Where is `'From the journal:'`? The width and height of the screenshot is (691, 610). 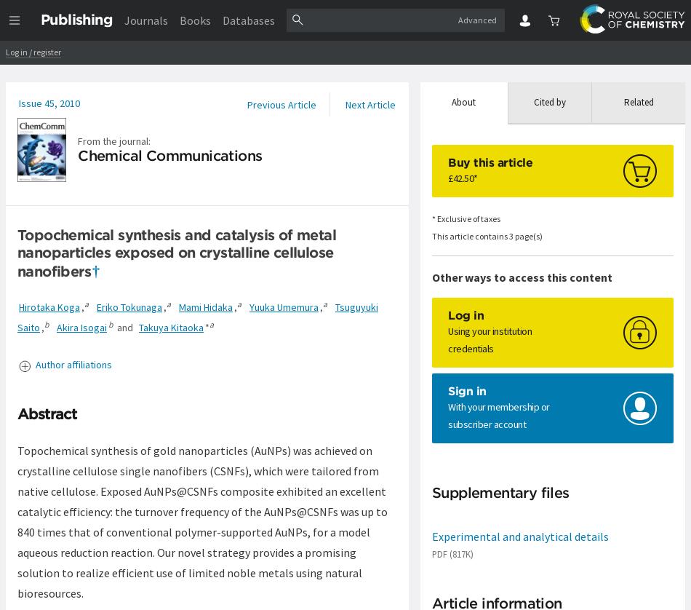 'From the journal:' is located at coordinates (114, 140).